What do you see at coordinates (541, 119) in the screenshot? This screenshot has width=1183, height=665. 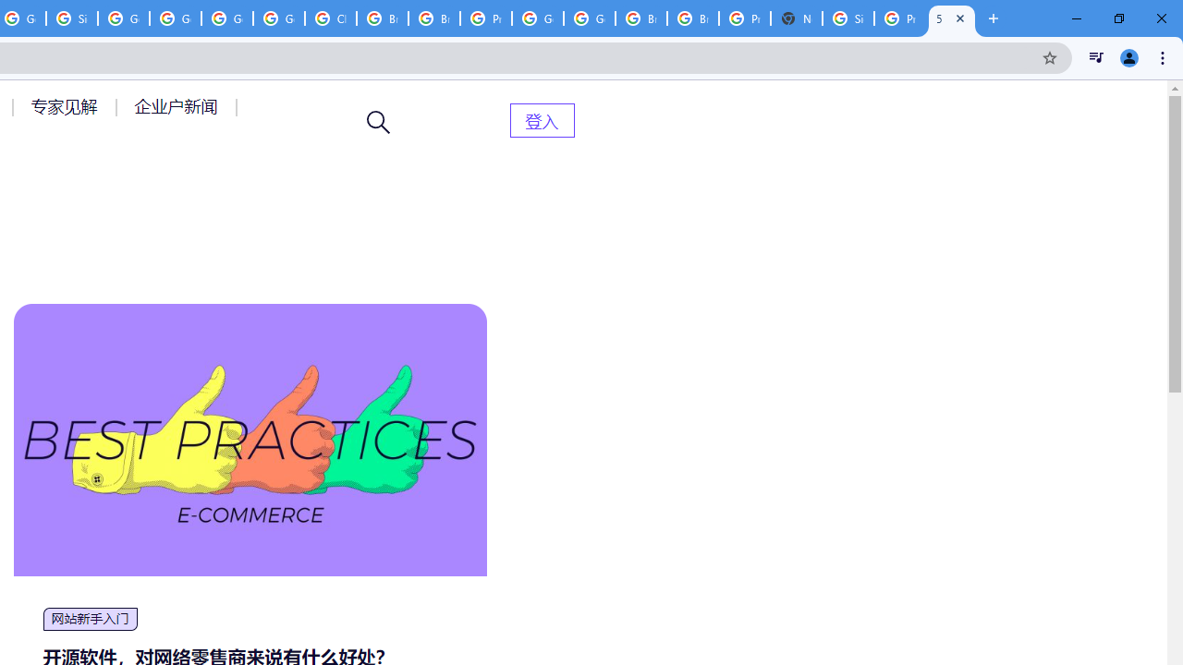 I see `'AutomationID: menu-item-82399'` at bounding box center [541, 119].